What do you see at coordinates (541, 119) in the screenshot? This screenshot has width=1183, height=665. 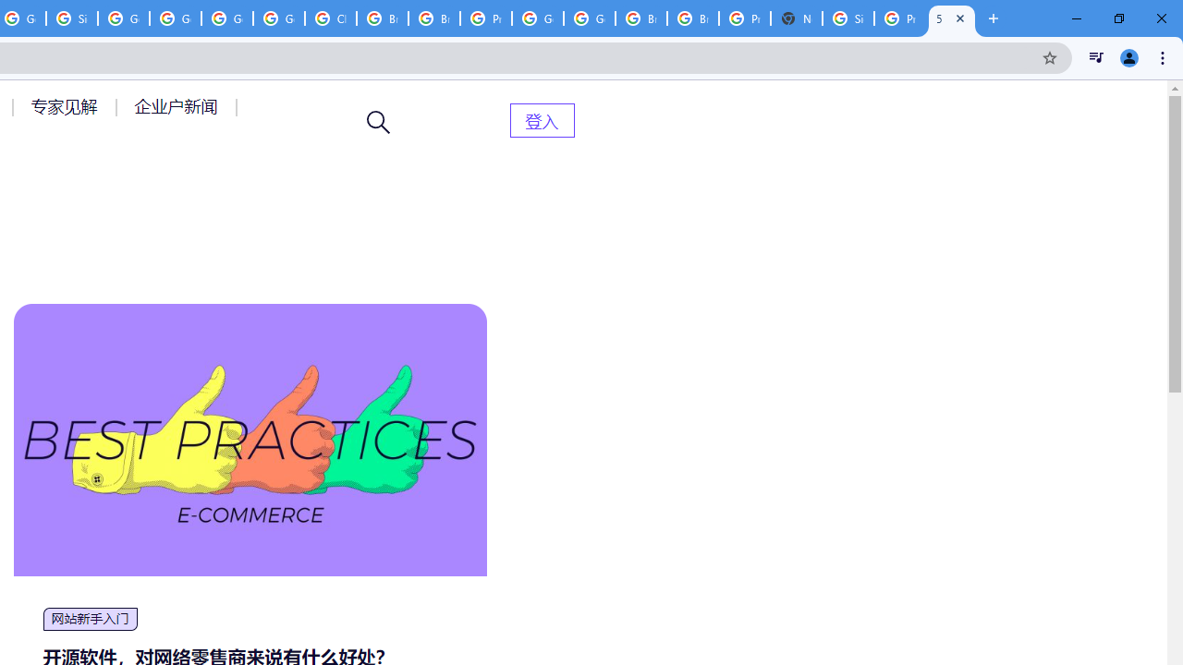 I see `'AutomationID: menu-item-82399'` at bounding box center [541, 119].